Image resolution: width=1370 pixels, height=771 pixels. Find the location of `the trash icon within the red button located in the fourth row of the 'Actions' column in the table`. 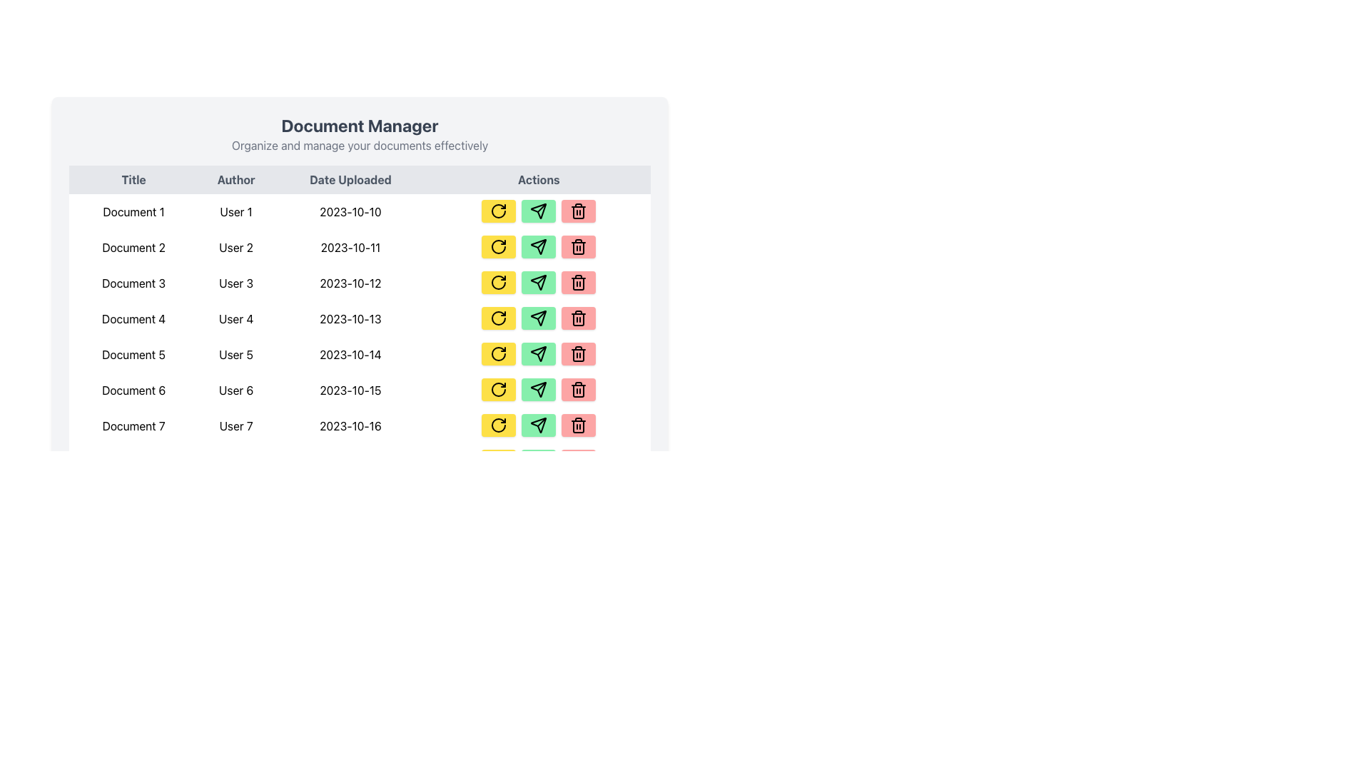

the trash icon within the red button located in the fourth row of the 'Actions' column in the table is located at coordinates (579, 318).